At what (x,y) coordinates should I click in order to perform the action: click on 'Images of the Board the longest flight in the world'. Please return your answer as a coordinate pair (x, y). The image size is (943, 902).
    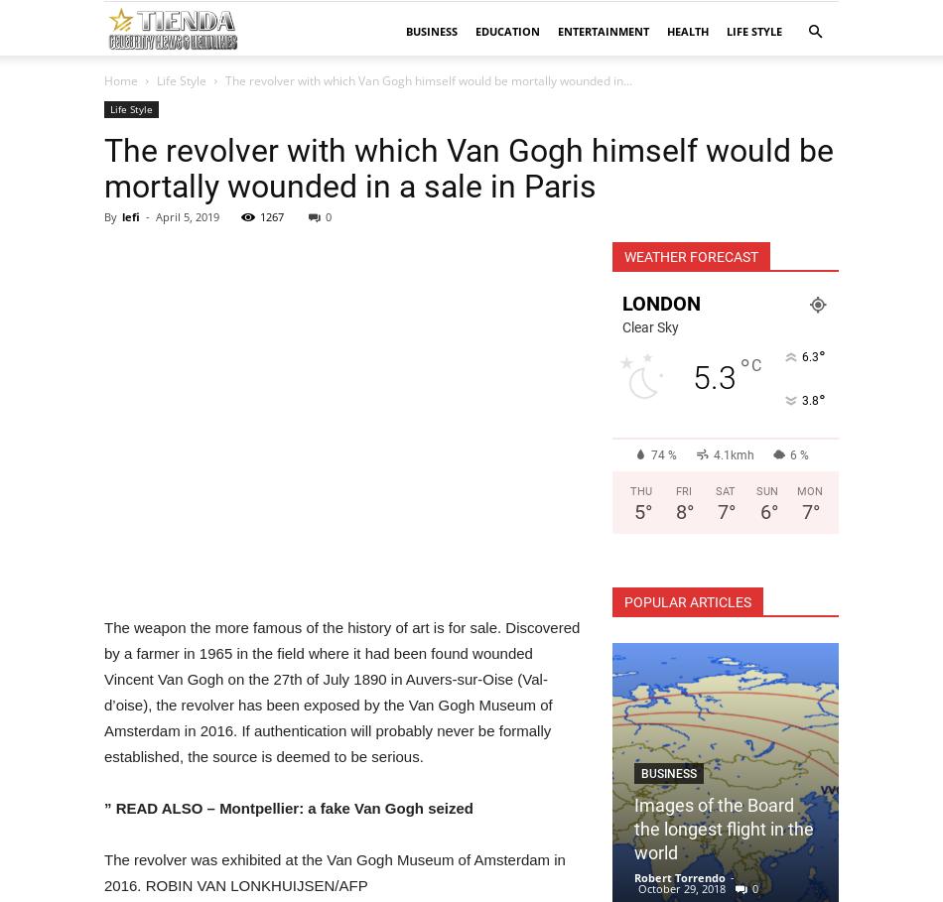
    Looking at the image, I should click on (723, 829).